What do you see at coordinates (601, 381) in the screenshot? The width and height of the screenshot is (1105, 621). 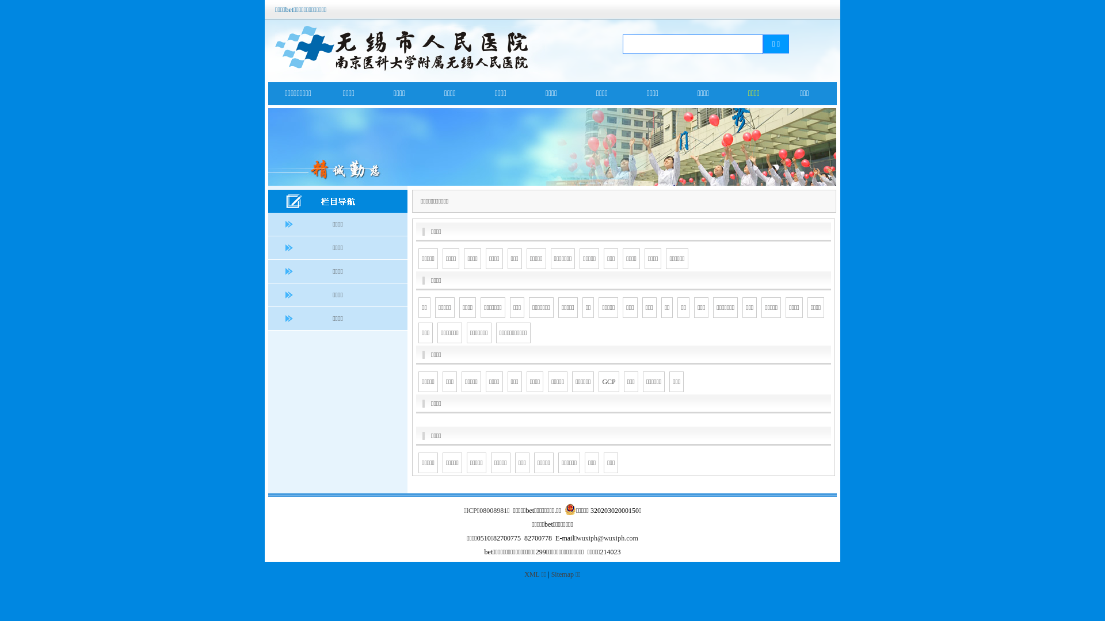 I see `'GCP'` at bounding box center [601, 381].